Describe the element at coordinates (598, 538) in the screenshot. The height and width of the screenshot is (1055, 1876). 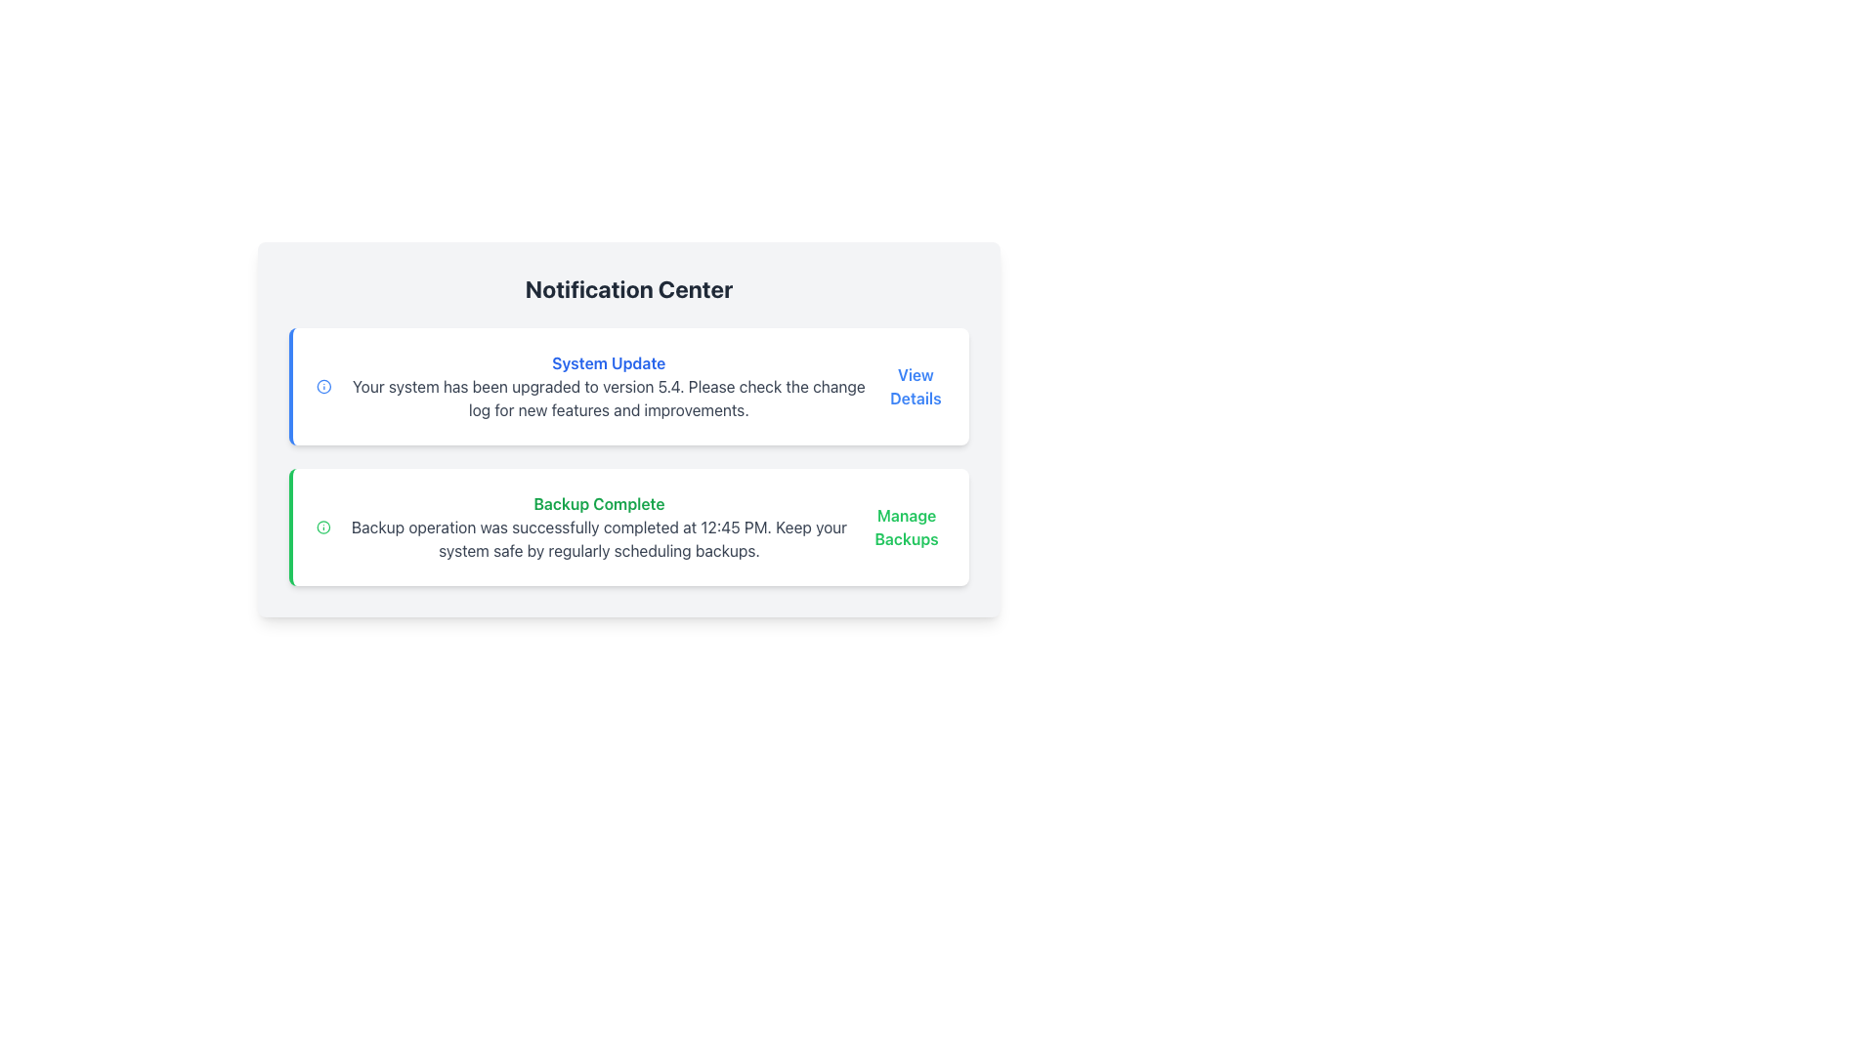
I see `the text block displaying the message 'Backup operation was successfully completed at 12:45 PM. Keep your system safe by regularly scheduling backups.' located beneath the bold green header 'Backup Complete' in the second notification module of the 'Notification Center'` at that location.